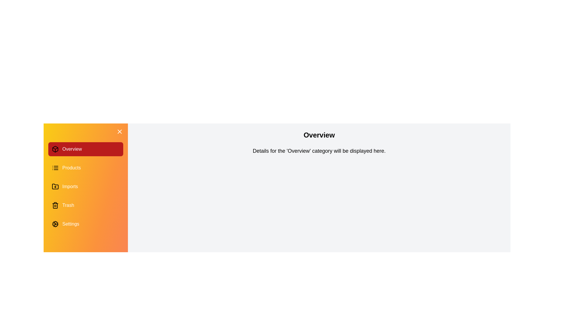 The width and height of the screenshot is (562, 316). I want to click on the category Trash in the drawer to switch the content displayed, so click(85, 205).